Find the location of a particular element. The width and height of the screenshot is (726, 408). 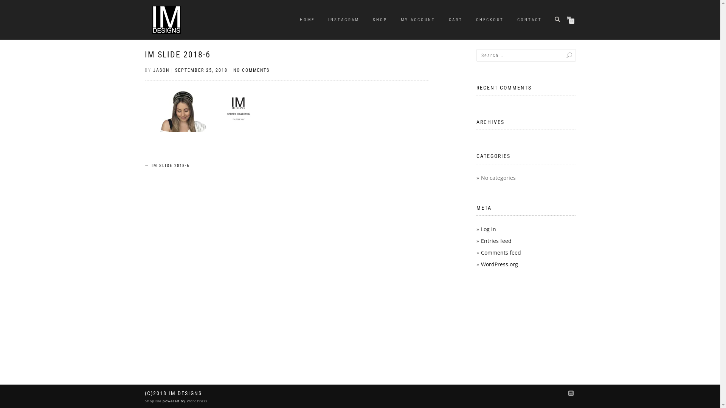

'HOME' is located at coordinates (307, 20).